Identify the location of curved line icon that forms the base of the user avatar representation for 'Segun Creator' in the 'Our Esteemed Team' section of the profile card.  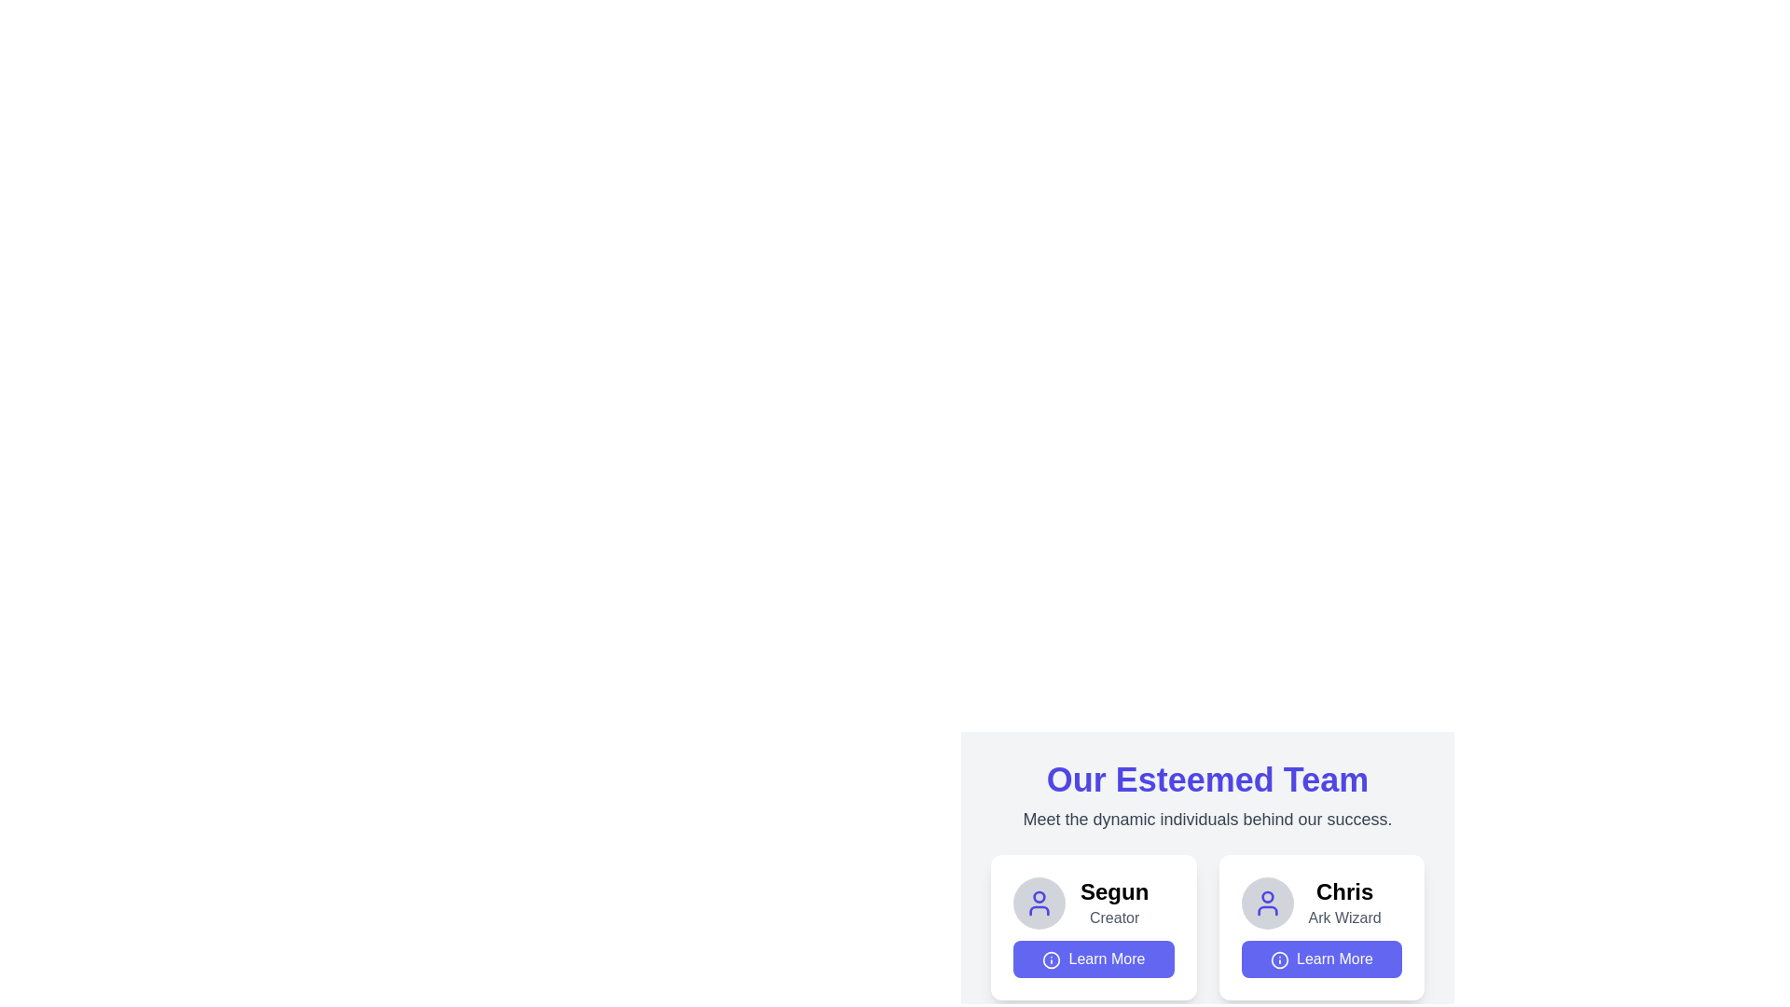
(1038, 909).